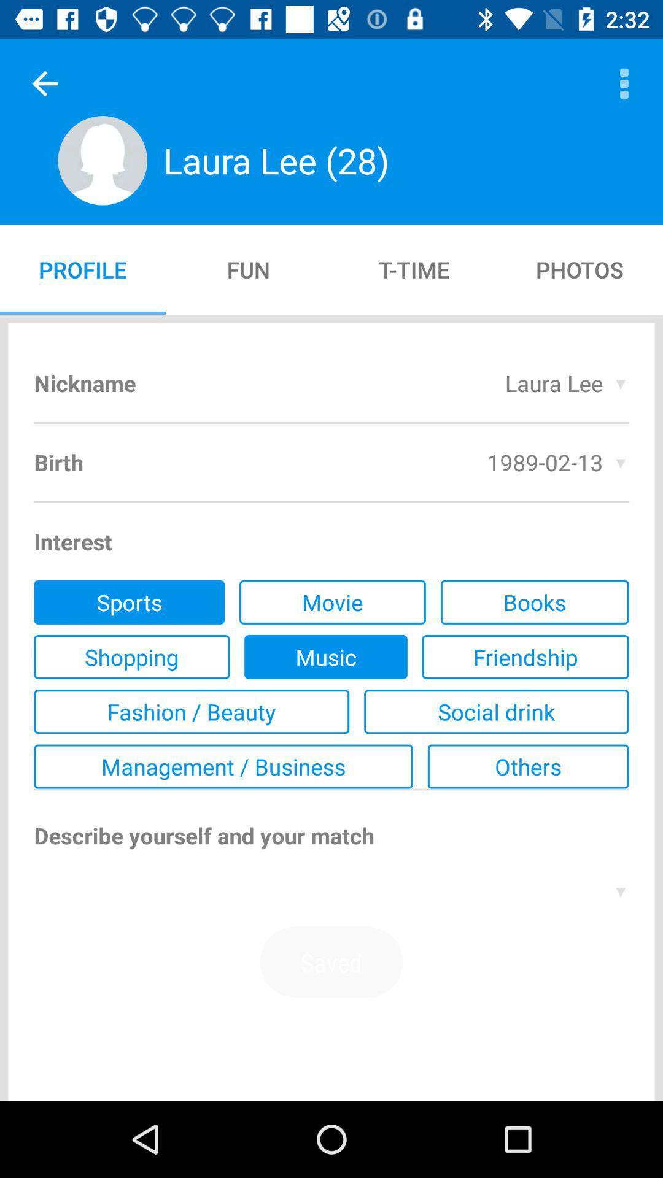 This screenshot has width=663, height=1178. Describe the element at coordinates (534, 602) in the screenshot. I see `the icon above friendship item` at that location.